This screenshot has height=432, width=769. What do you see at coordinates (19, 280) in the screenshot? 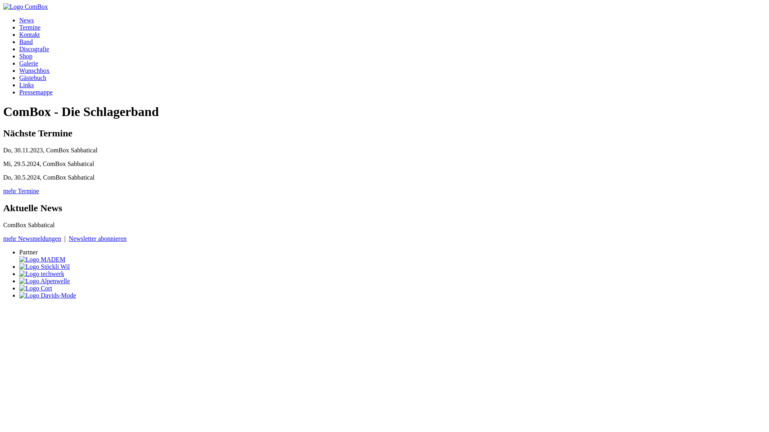
I see `'Link zu Alpenwelle'` at bounding box center [19, 280].